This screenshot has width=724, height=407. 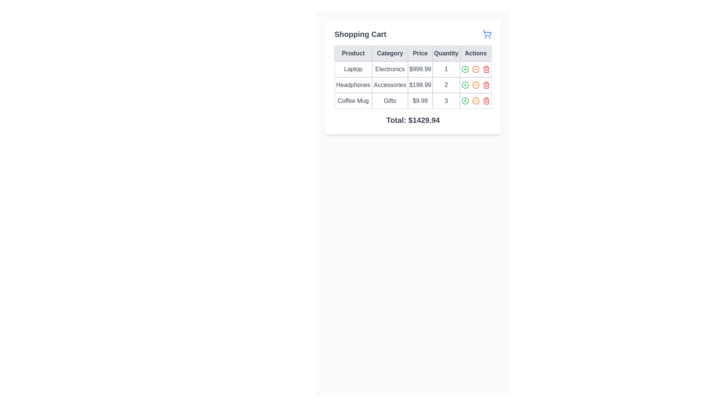 What do you see at coordinates (465, 100) in the screenshot?
I see `the green circle button in the third row of the 'Actions' column` at bounding box center [465, 100].